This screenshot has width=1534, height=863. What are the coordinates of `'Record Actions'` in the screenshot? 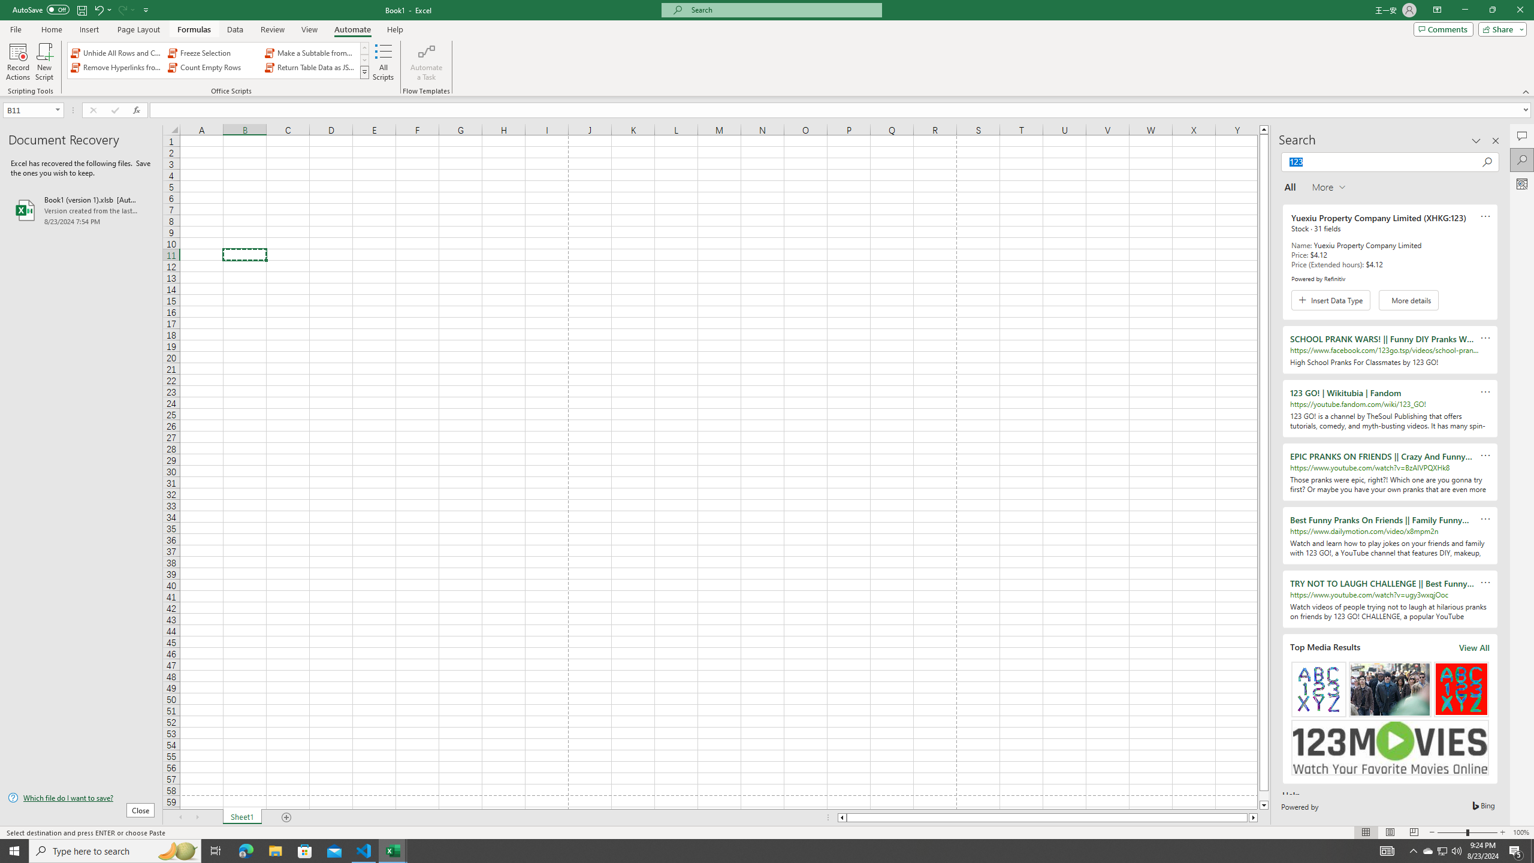 It's located at (17, 62).